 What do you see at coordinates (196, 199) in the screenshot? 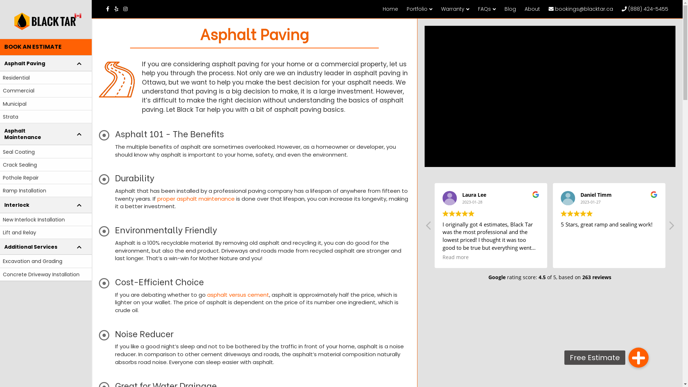
I see `'proper asphalt maintenance'` at bounding box center [196, 199].